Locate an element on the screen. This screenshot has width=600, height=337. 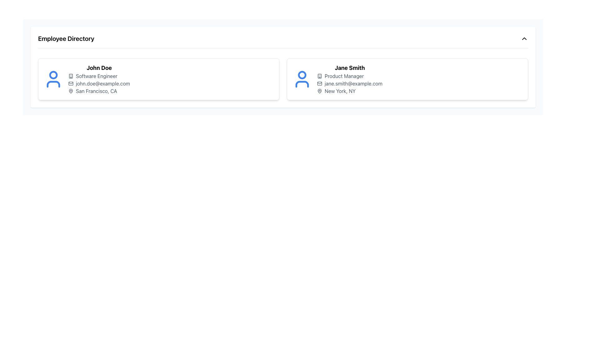
the graphical icon component representing email functionality, located on the right side of the layout within the card for 'Jane Smith', adjacent to the email address 'jane.smith@example.com' is located at coordinates (319, 83).